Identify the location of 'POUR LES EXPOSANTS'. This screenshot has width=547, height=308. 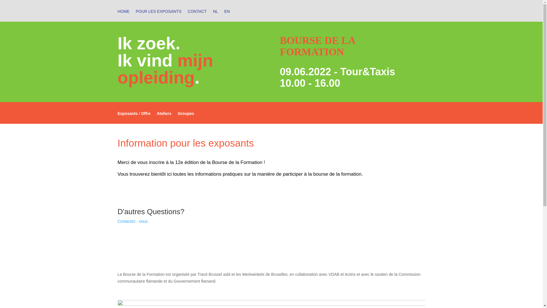
(135, 15).